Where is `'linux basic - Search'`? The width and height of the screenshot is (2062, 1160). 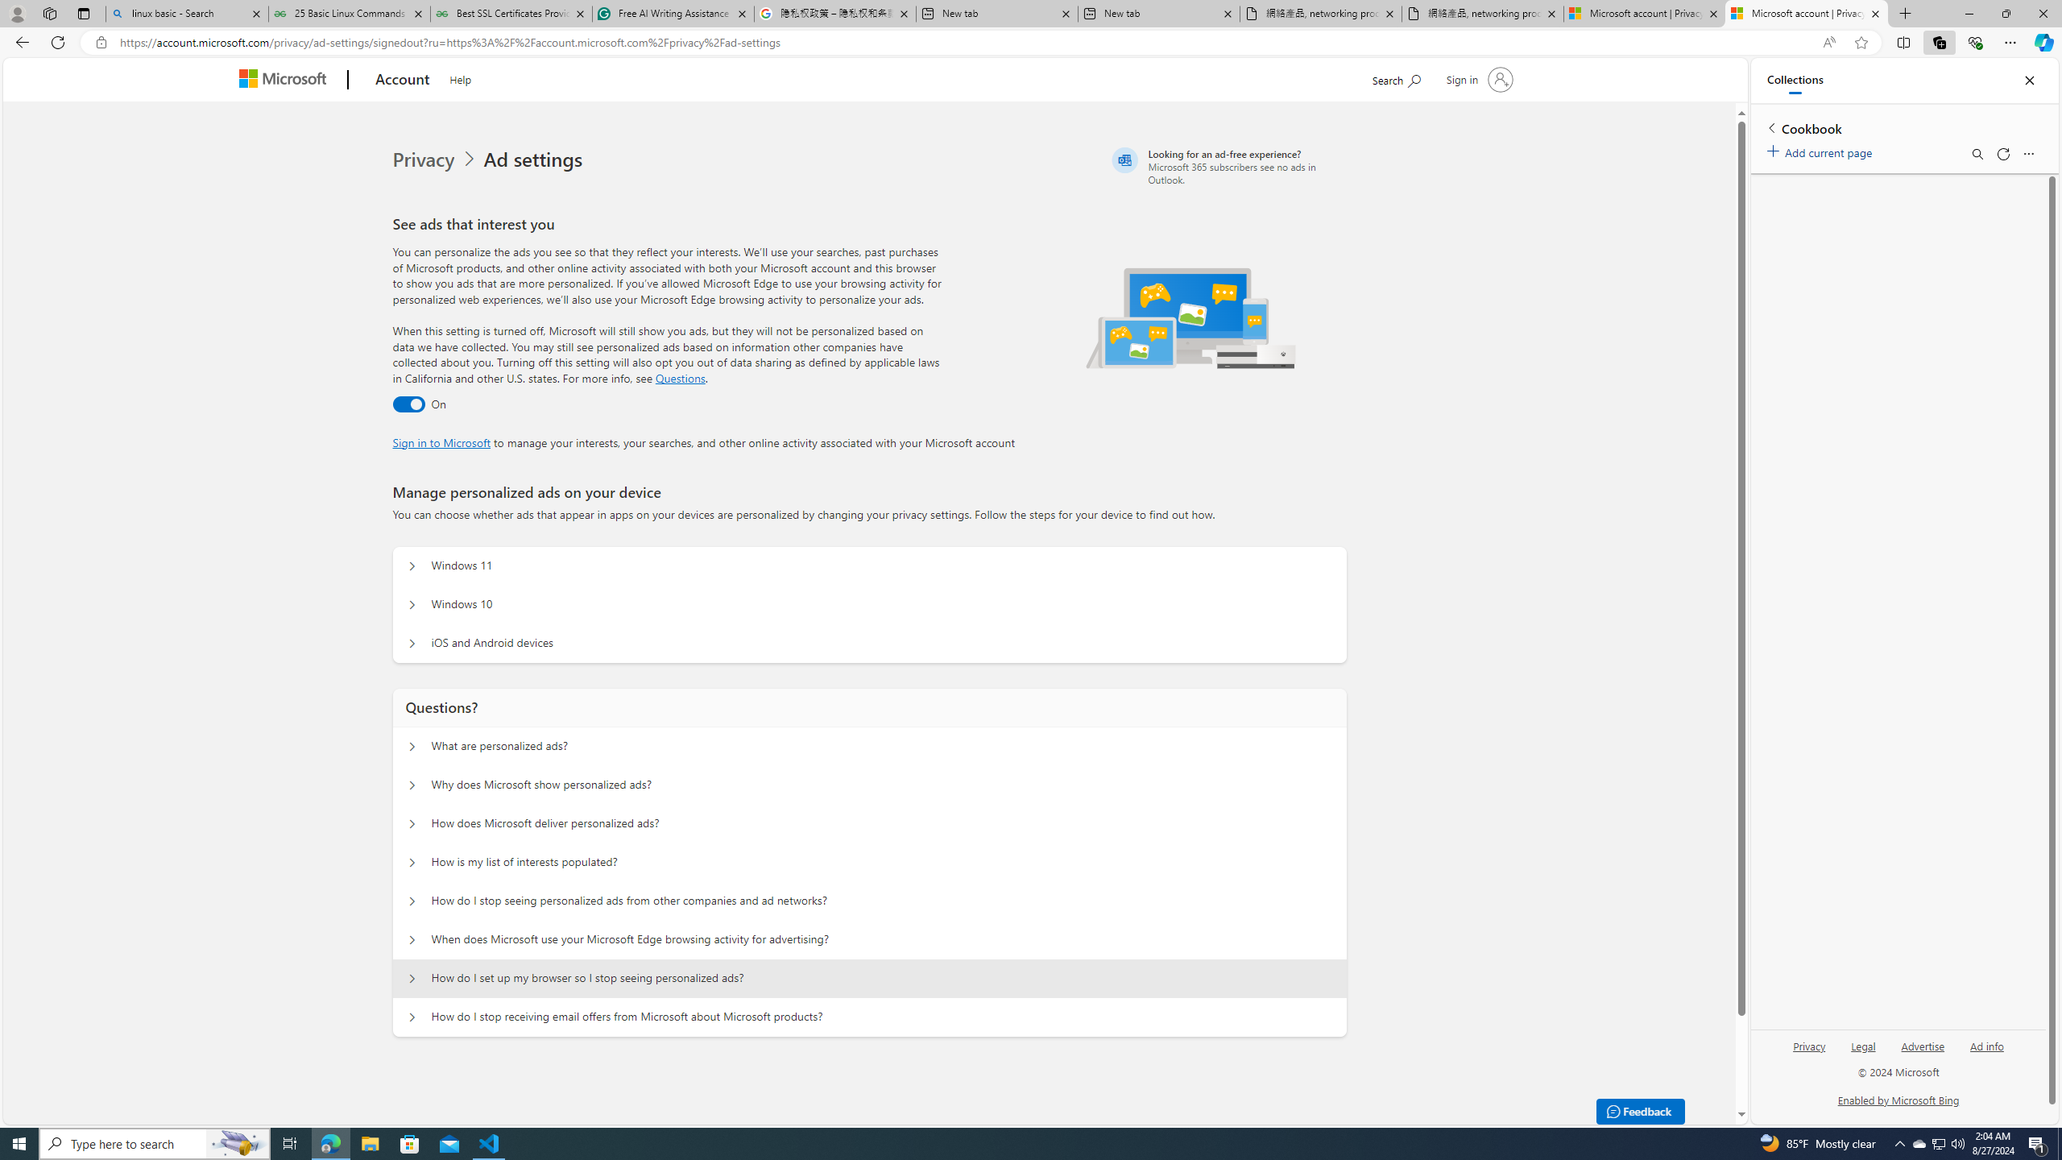
'linux basic - Search' is located at coordinates (187, 13).